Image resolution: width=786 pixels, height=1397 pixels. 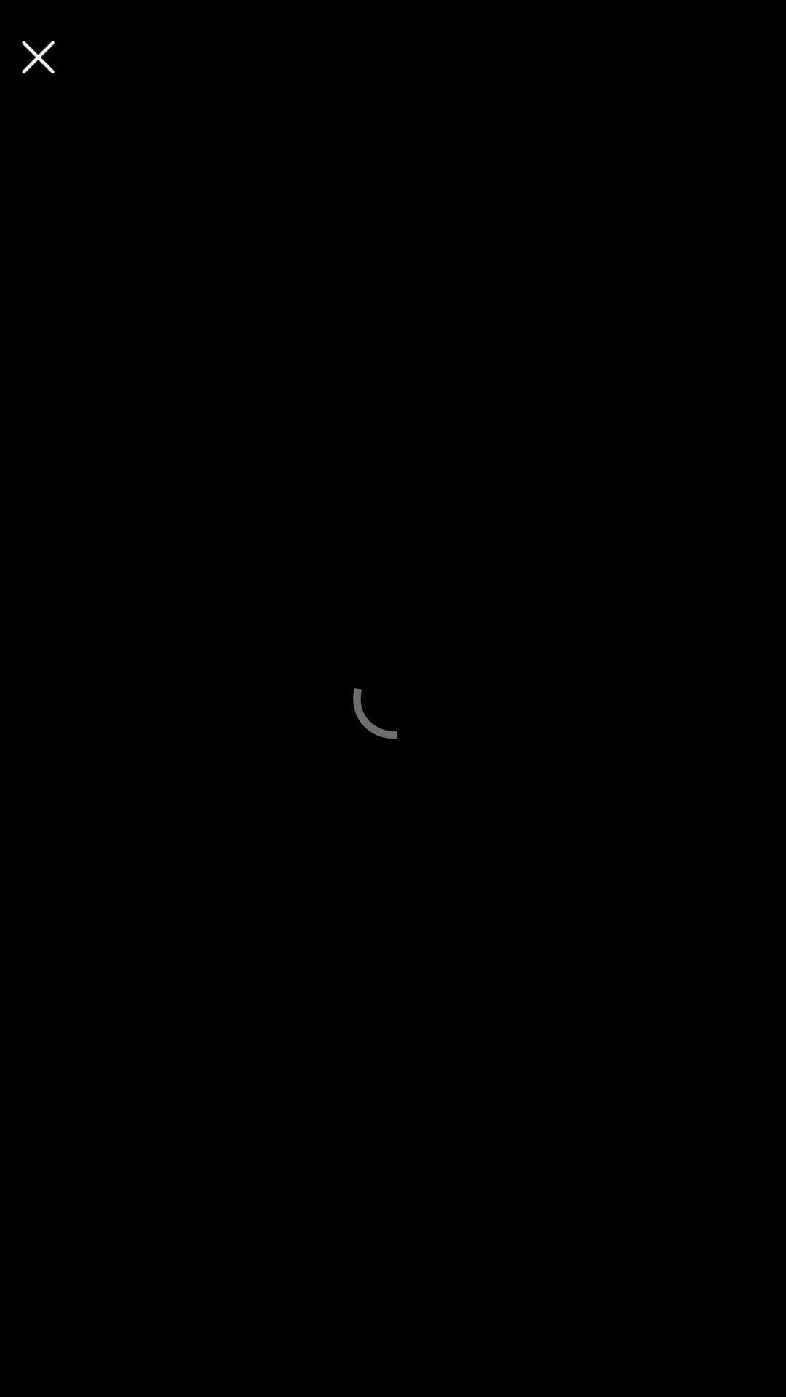 I want to click on screen, so click(x=37, y=57).